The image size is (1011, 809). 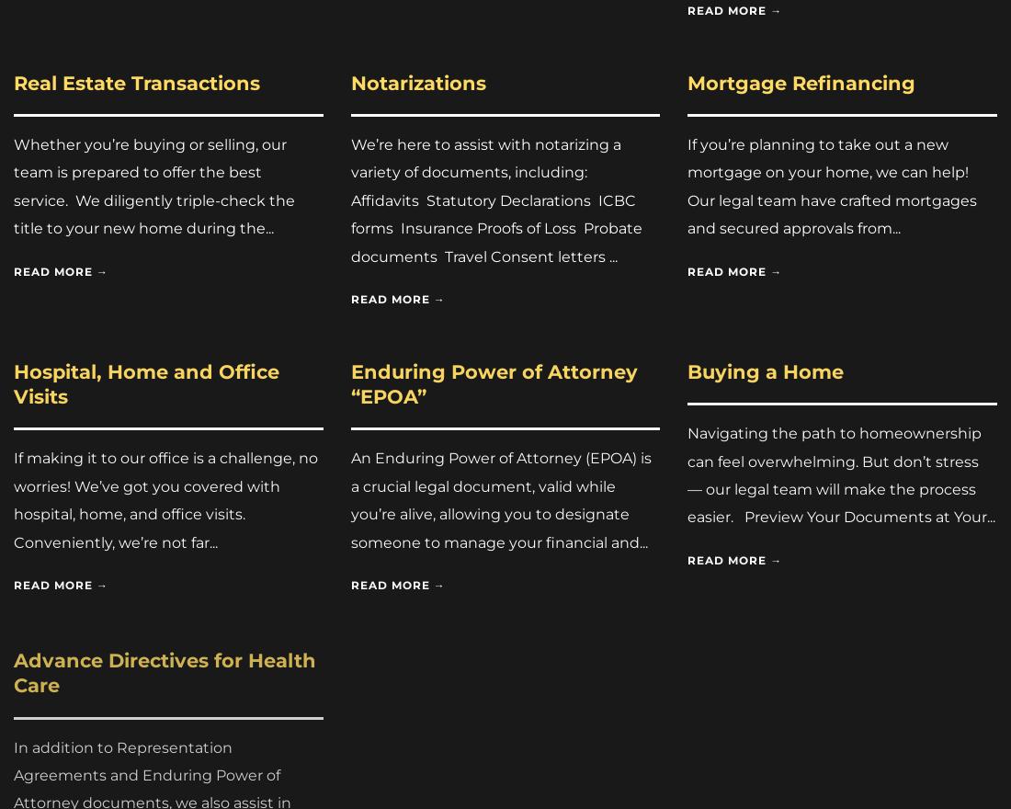 I want to click on 'Notarizations', so click(x=416, y=81).